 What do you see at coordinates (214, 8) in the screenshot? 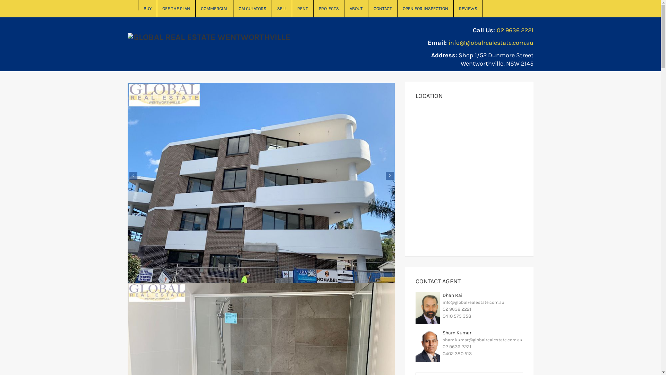
I see `'COMMERCIAL'` at bounding box center [214, 8].